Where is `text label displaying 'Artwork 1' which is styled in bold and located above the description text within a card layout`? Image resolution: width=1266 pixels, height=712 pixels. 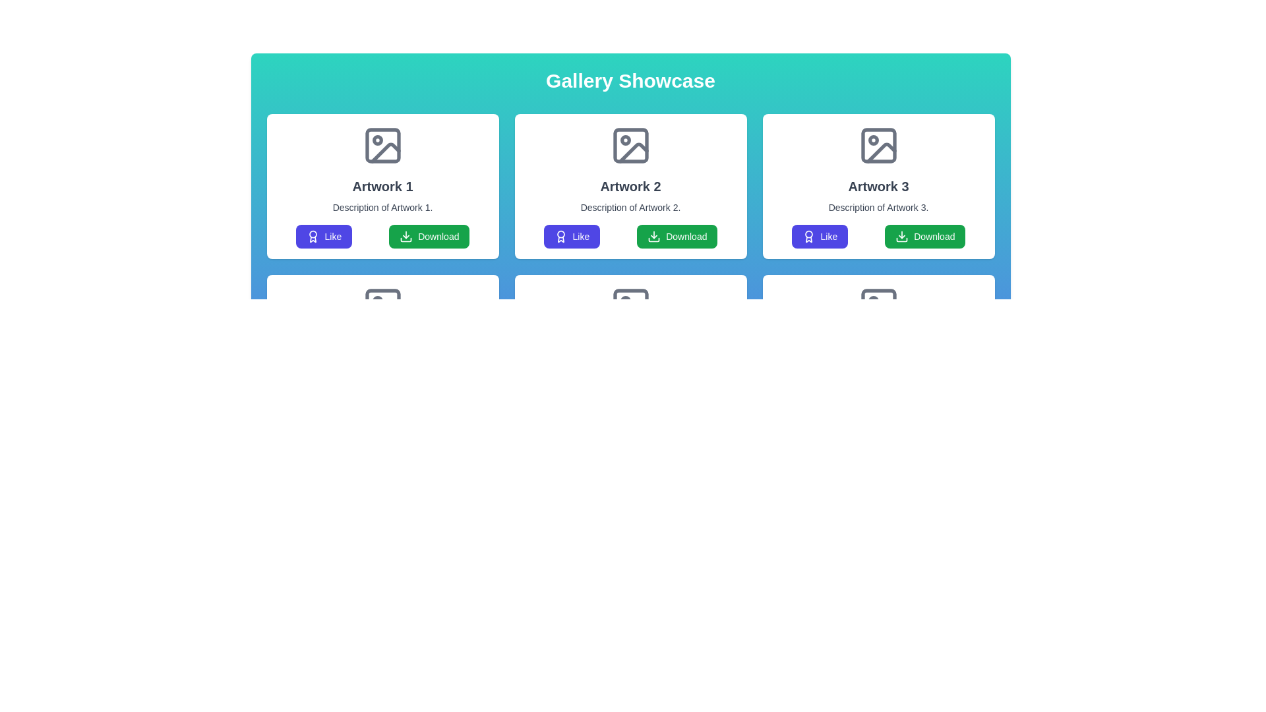
text label displaying 'Artwork 1' which is styled in bold and located above the description text within a card layout is located at coordinates (382, 186).